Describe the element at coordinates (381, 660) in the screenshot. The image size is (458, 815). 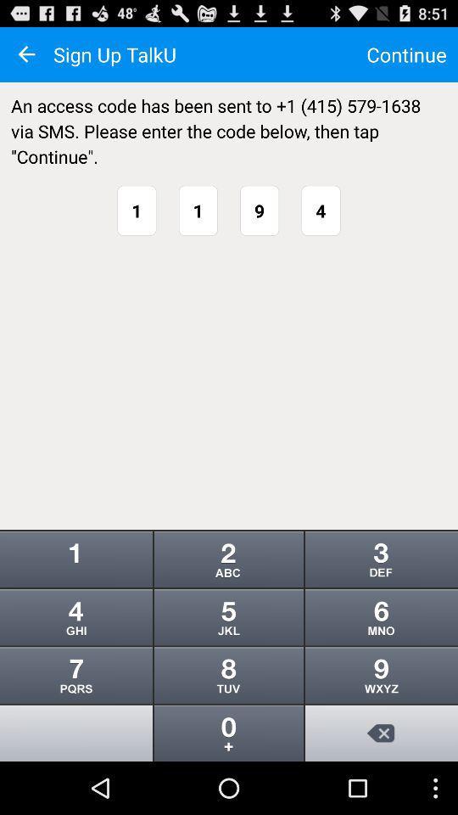
I see `the more icon` at that location.